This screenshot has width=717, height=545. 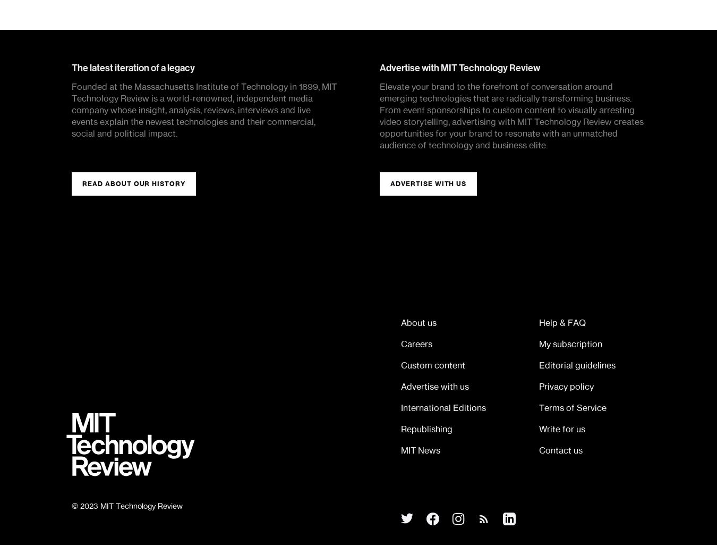 What do you see at coordinates (400, 386) in the screenshot?
I see `'Advertise with us'` at bounding box center [400, 386].